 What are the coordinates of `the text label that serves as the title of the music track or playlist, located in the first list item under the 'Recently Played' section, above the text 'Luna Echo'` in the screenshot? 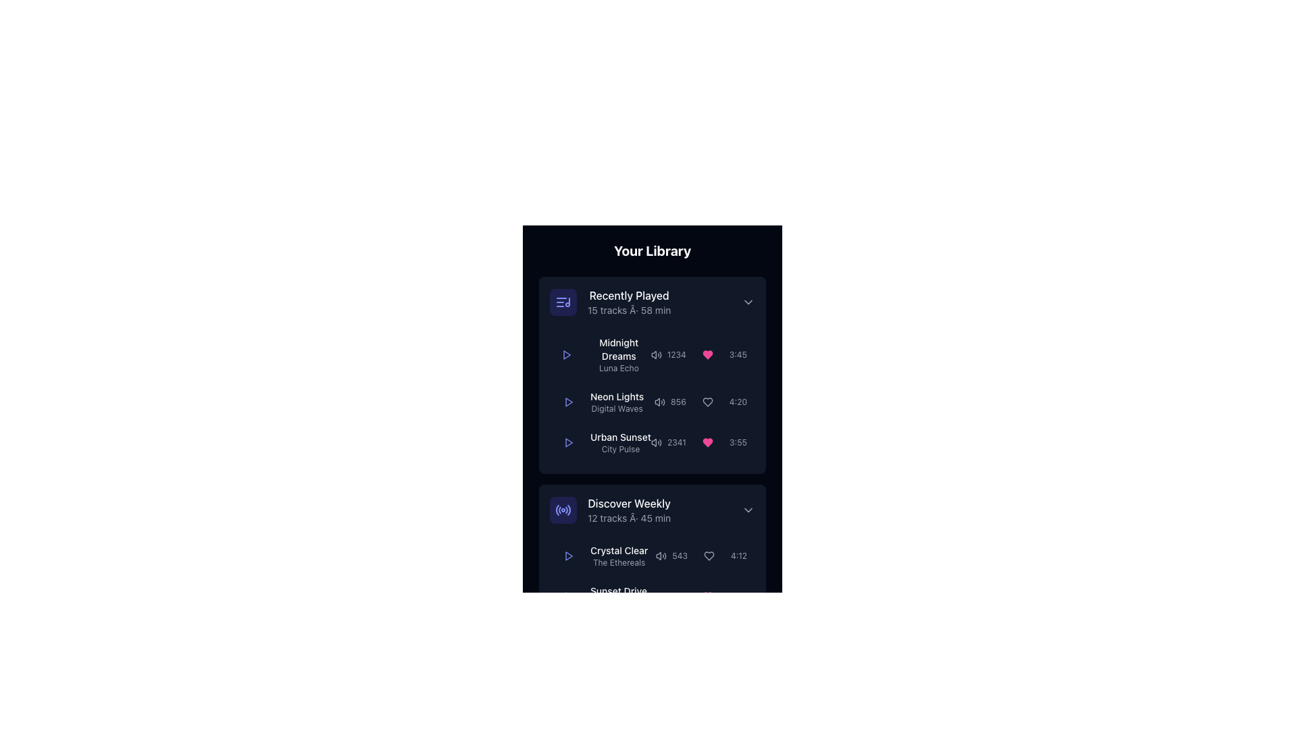 It's located at (618, 348).